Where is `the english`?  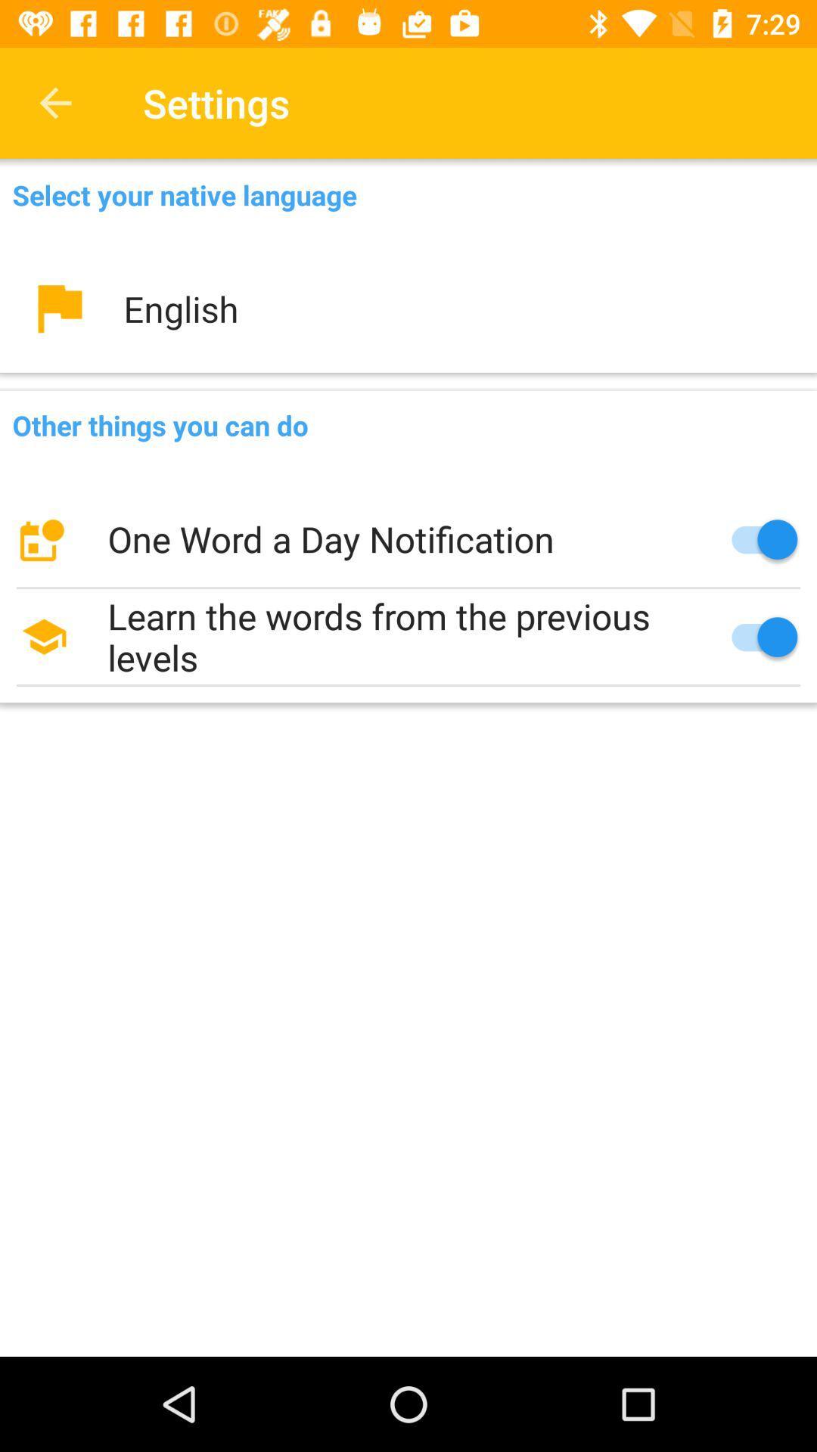
the english is located at coordinates (408, 308).